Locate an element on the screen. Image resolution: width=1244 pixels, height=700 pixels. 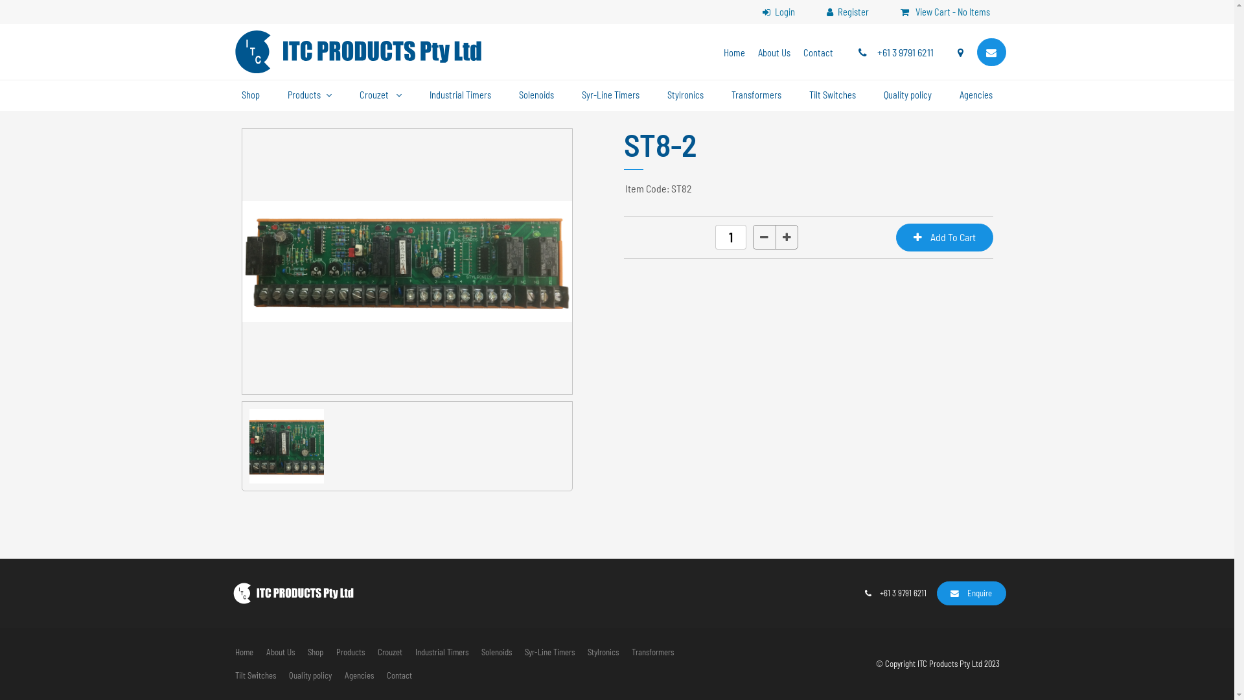
'Shop' is located at coordinates (314, 652).